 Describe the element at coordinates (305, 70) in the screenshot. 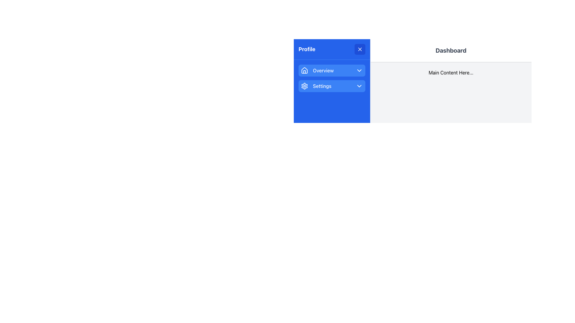

I see `the 'home' icon (SVG graphic) located to the left of the 'Overview' text in the 'Profile' section` at that location.